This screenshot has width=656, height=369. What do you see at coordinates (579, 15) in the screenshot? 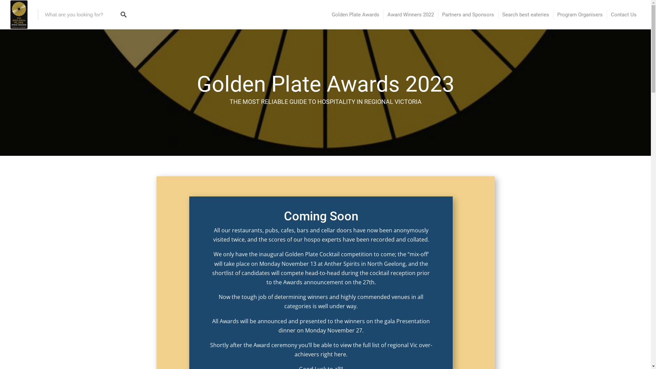
I see `'Program Organisers'` at bounding box center [579, 15].